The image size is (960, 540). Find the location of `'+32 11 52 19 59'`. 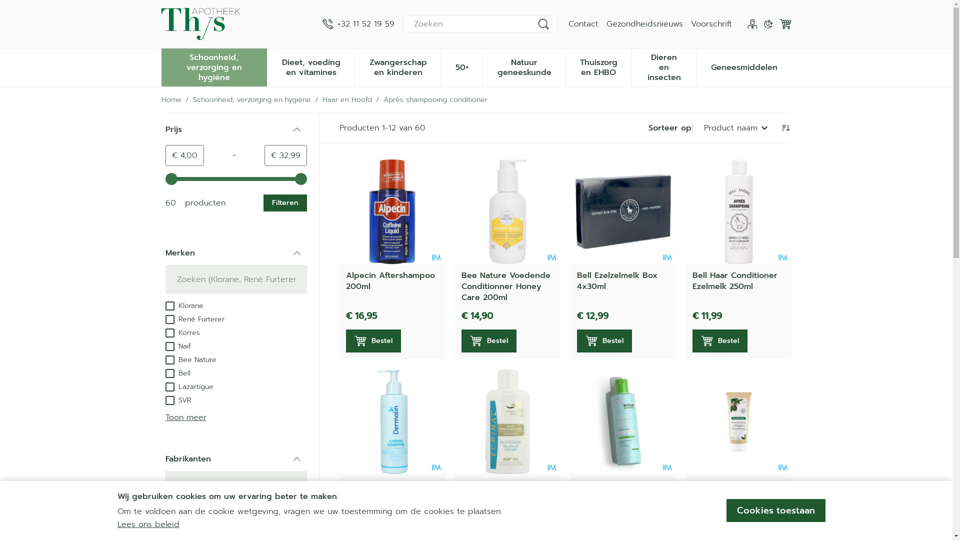

'+32 11 52 19 59' is located at coordinates (357, 23).